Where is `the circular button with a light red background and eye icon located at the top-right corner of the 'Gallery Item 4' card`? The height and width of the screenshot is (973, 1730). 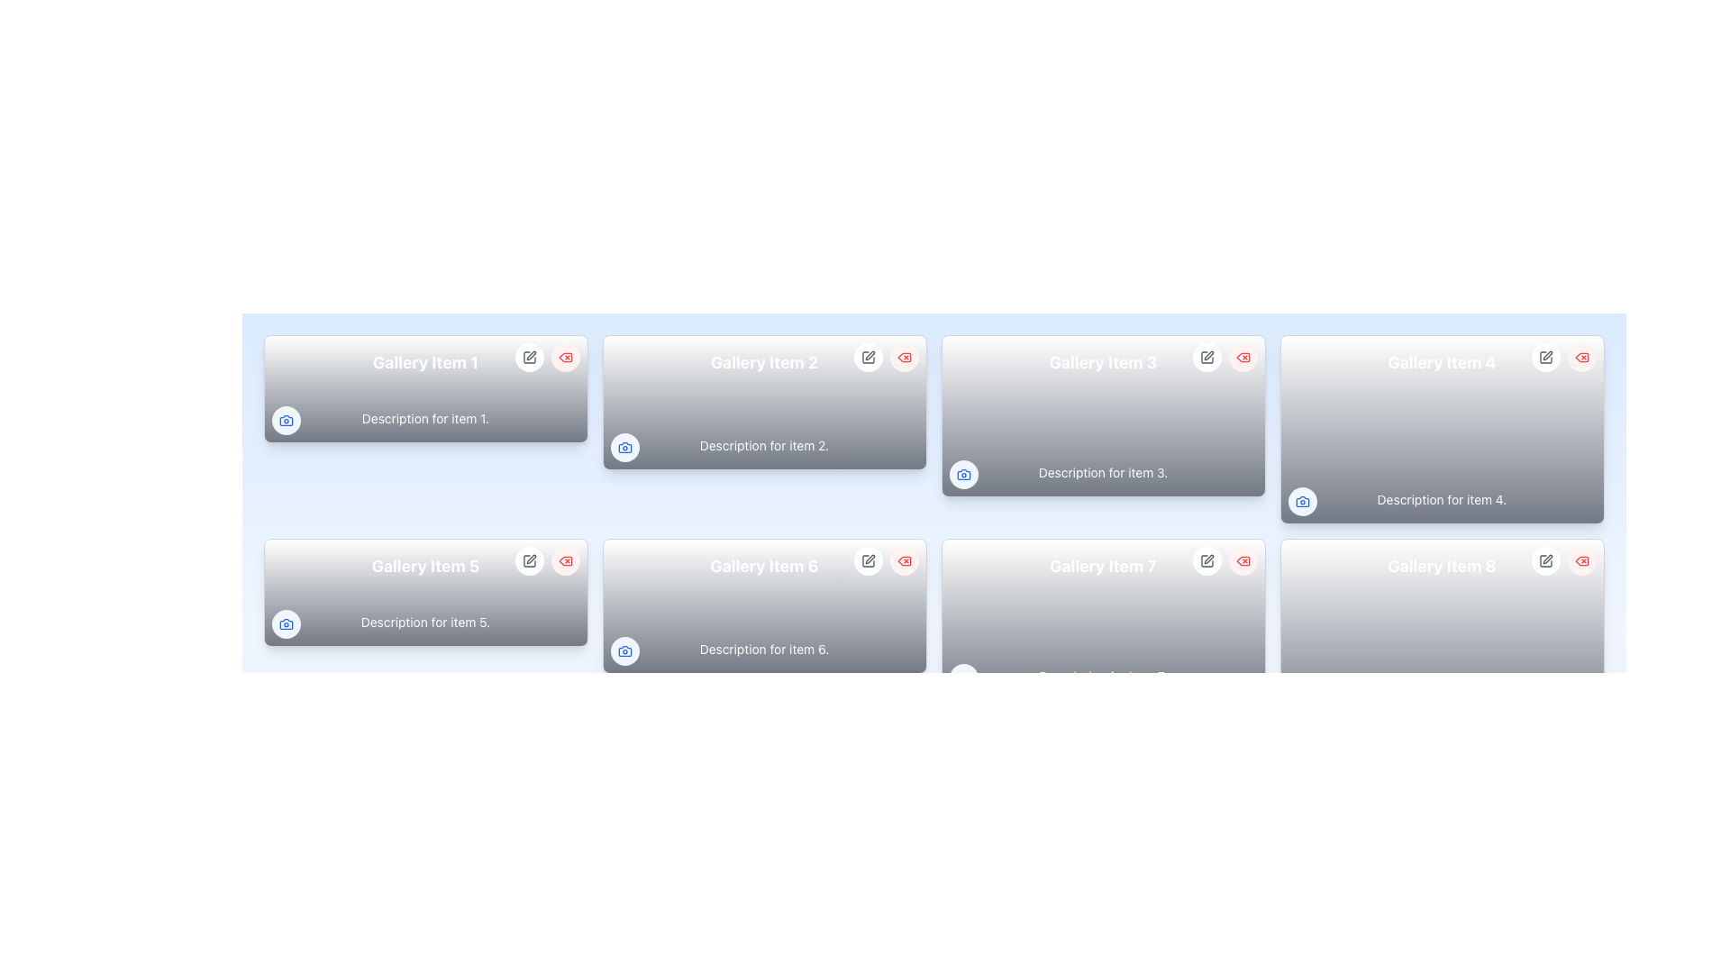
the circular button with a light red background and eye icon located at the top-right corner of the 'Gallery Item 4' card is located at coordinates (1580, 358).